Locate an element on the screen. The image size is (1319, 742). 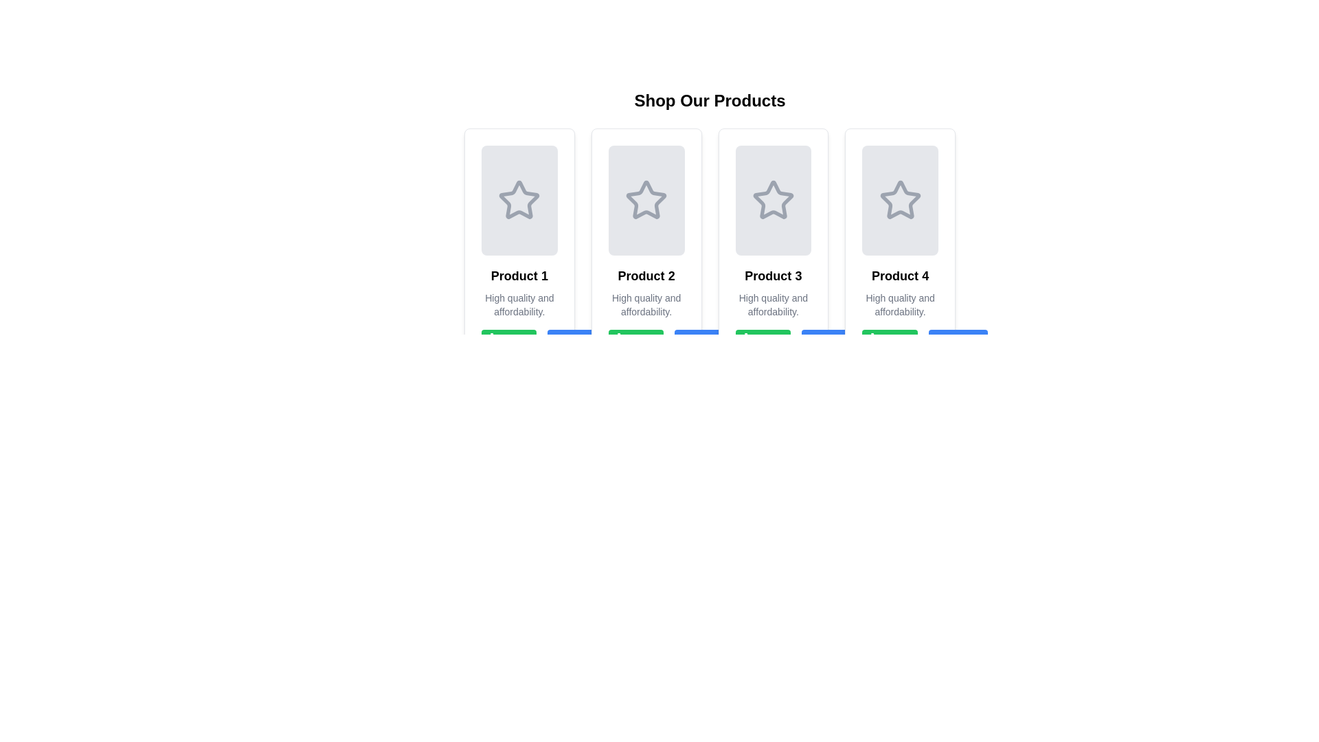
the star icon for rating or indicating a favorite selection located within the 'Product 3' card is located at coordinates (773, 201).